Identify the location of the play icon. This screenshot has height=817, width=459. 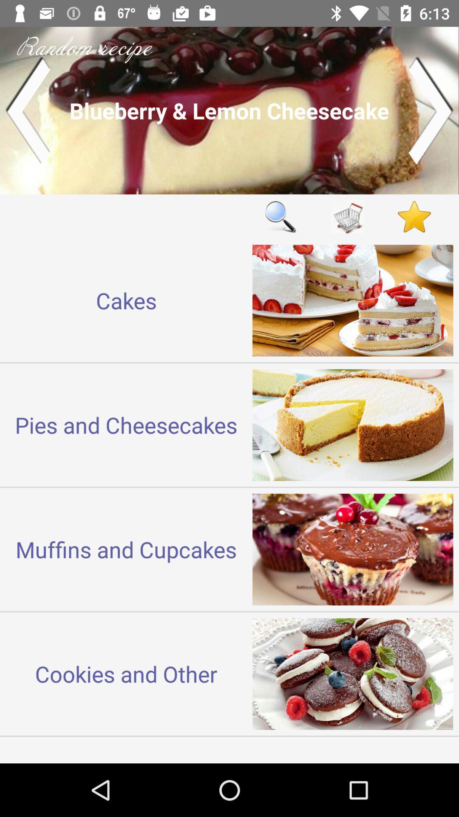
(431, 110).